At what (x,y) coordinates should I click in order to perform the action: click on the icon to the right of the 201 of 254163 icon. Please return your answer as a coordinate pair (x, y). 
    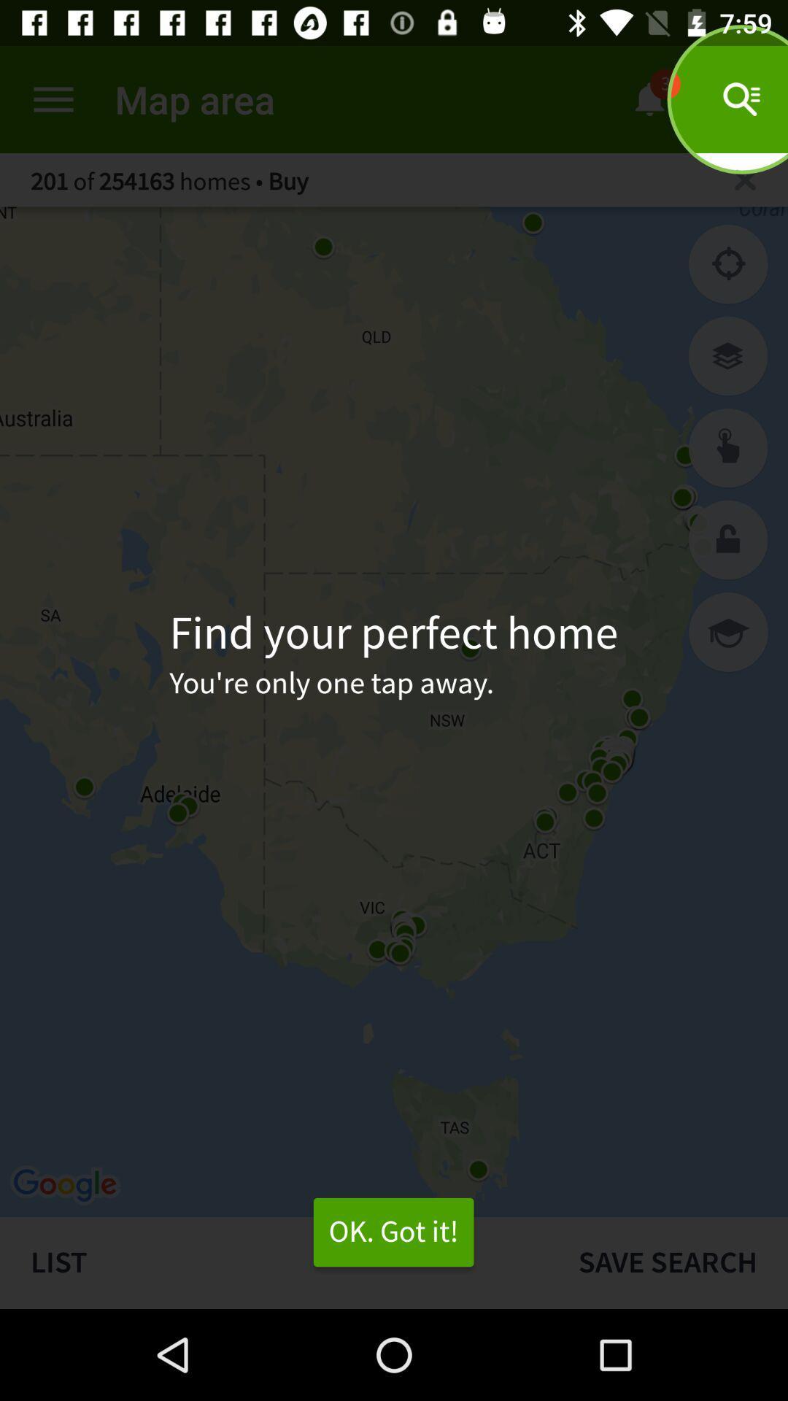
    Looking at the image, I should click on (745, 179).